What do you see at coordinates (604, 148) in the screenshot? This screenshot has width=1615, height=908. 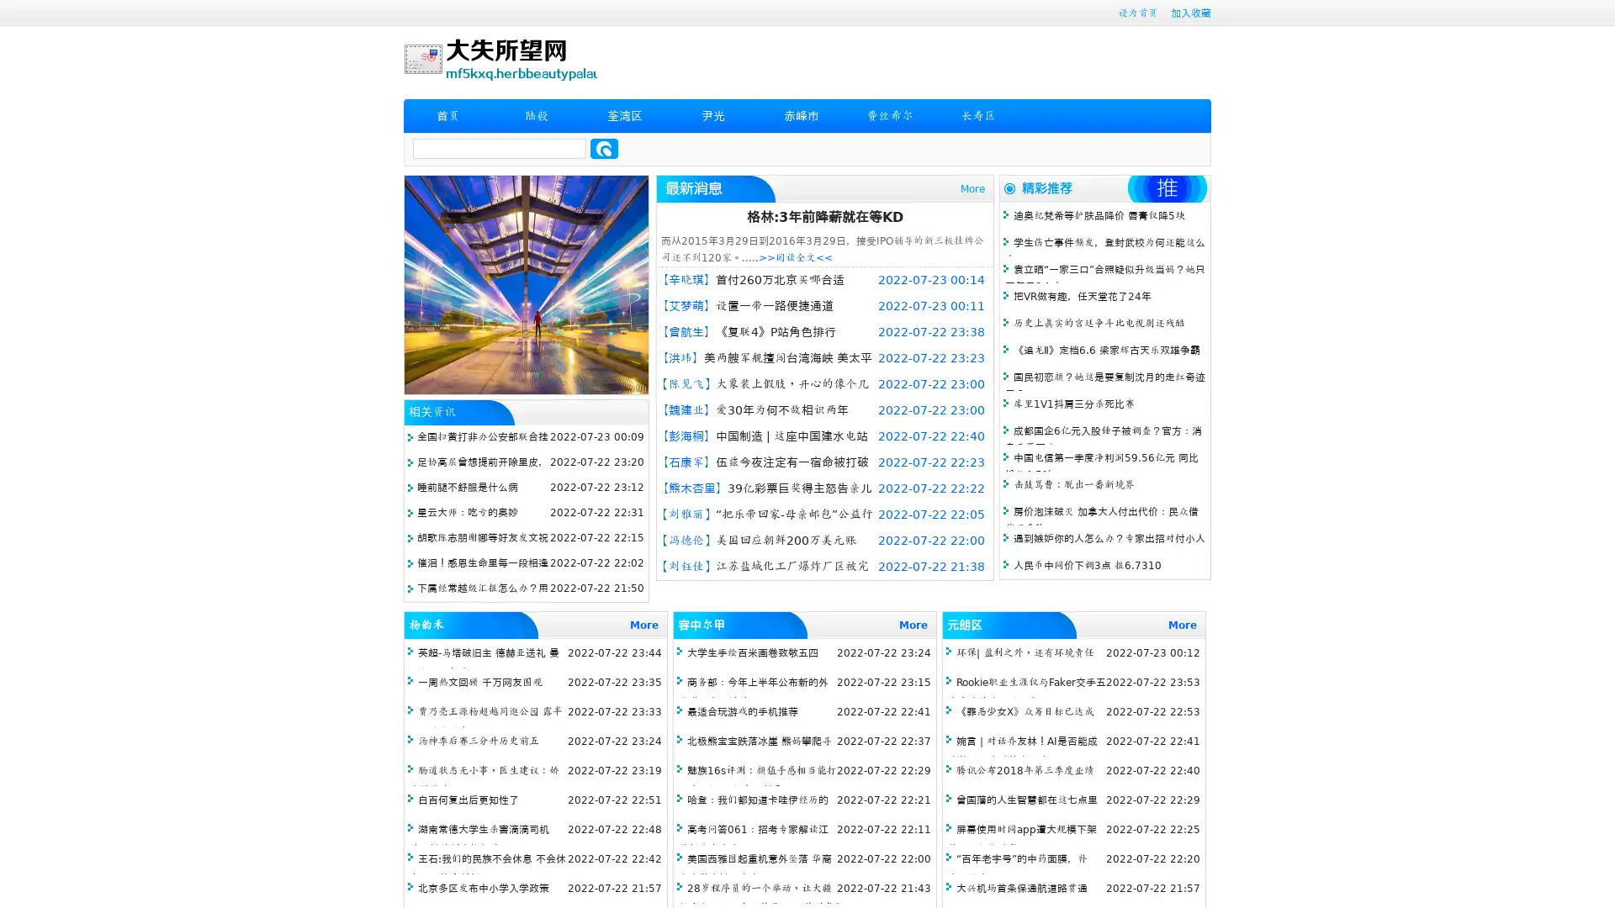 I see `Search` at bounding box center [604, 148].